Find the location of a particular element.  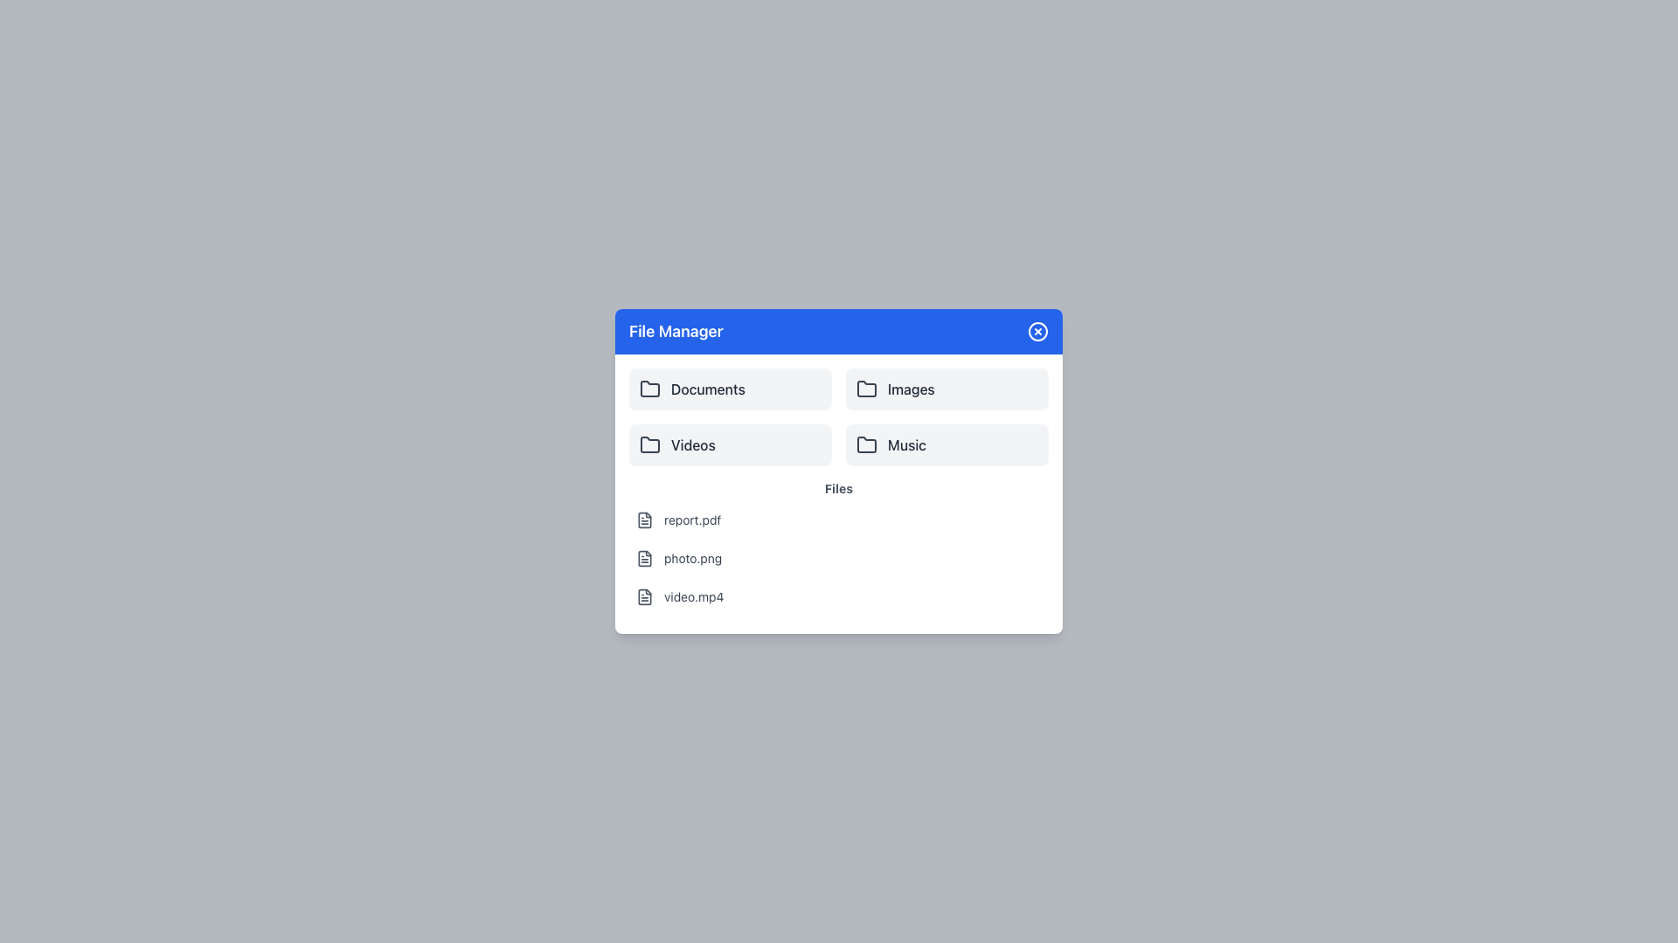

the Text Label located in the blue header bar of the modal-style interface card, which serves as a title for the file management tool is located at coordinates (675, 332).